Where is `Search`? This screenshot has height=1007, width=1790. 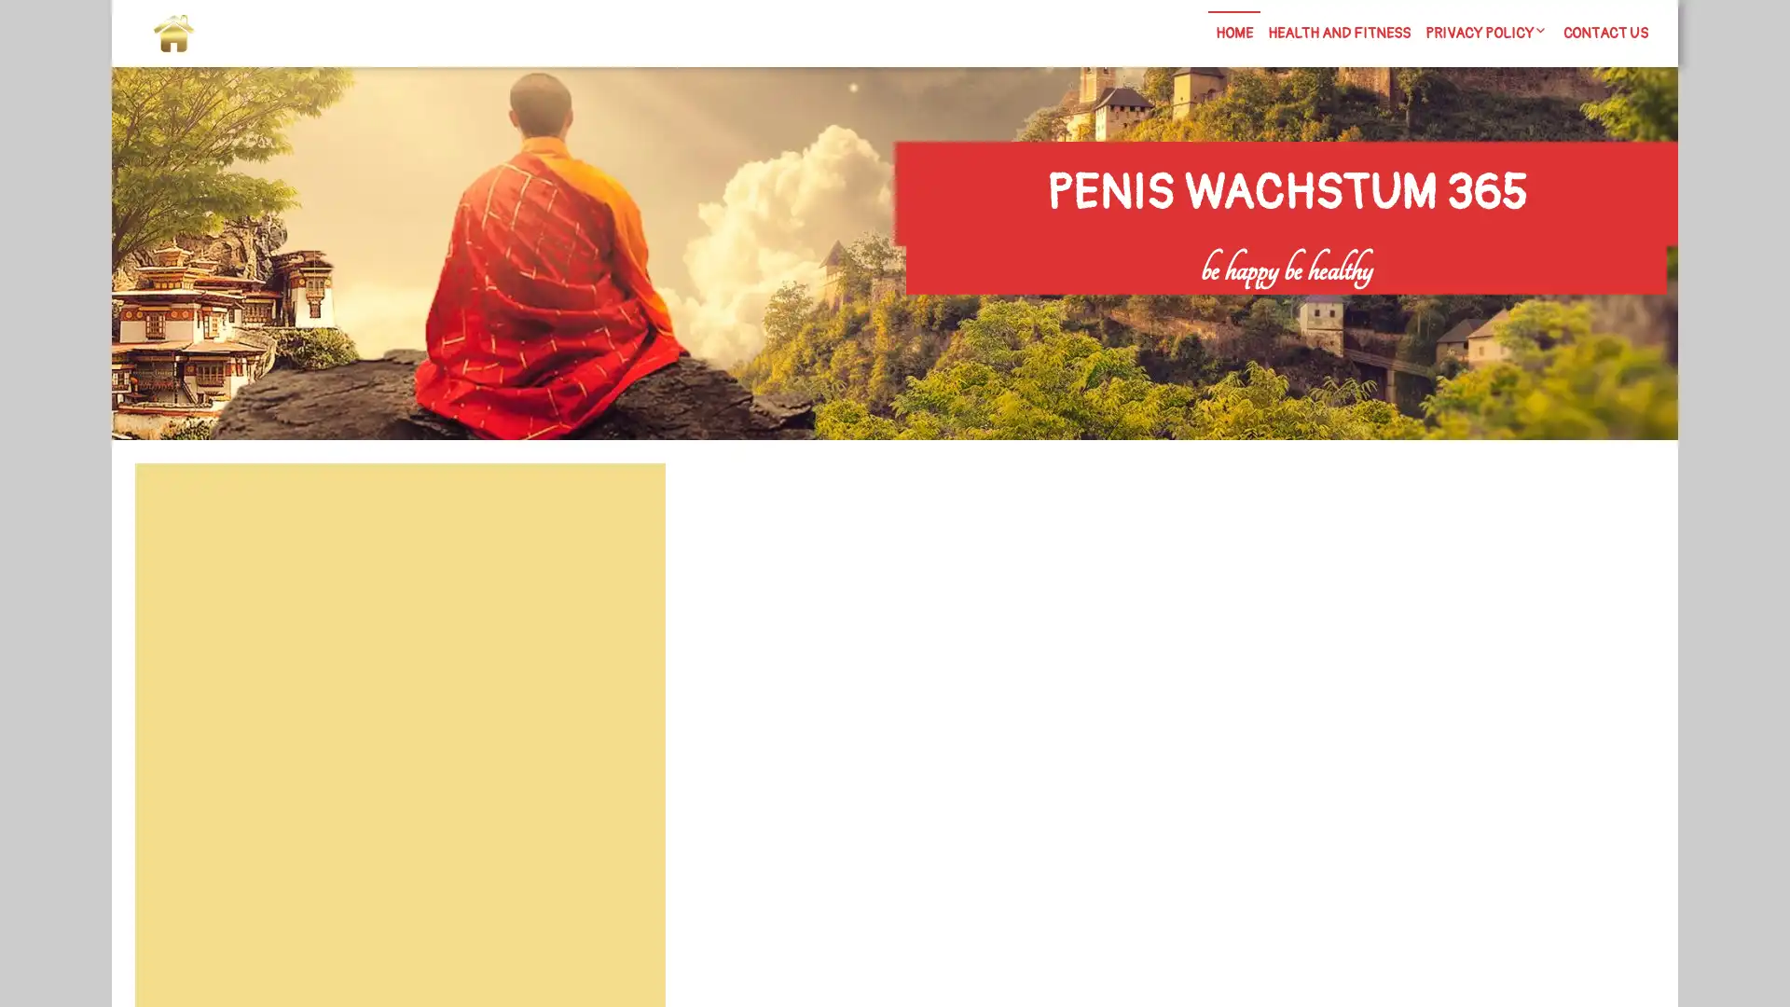 Search is located at coordinates (1452, 305).